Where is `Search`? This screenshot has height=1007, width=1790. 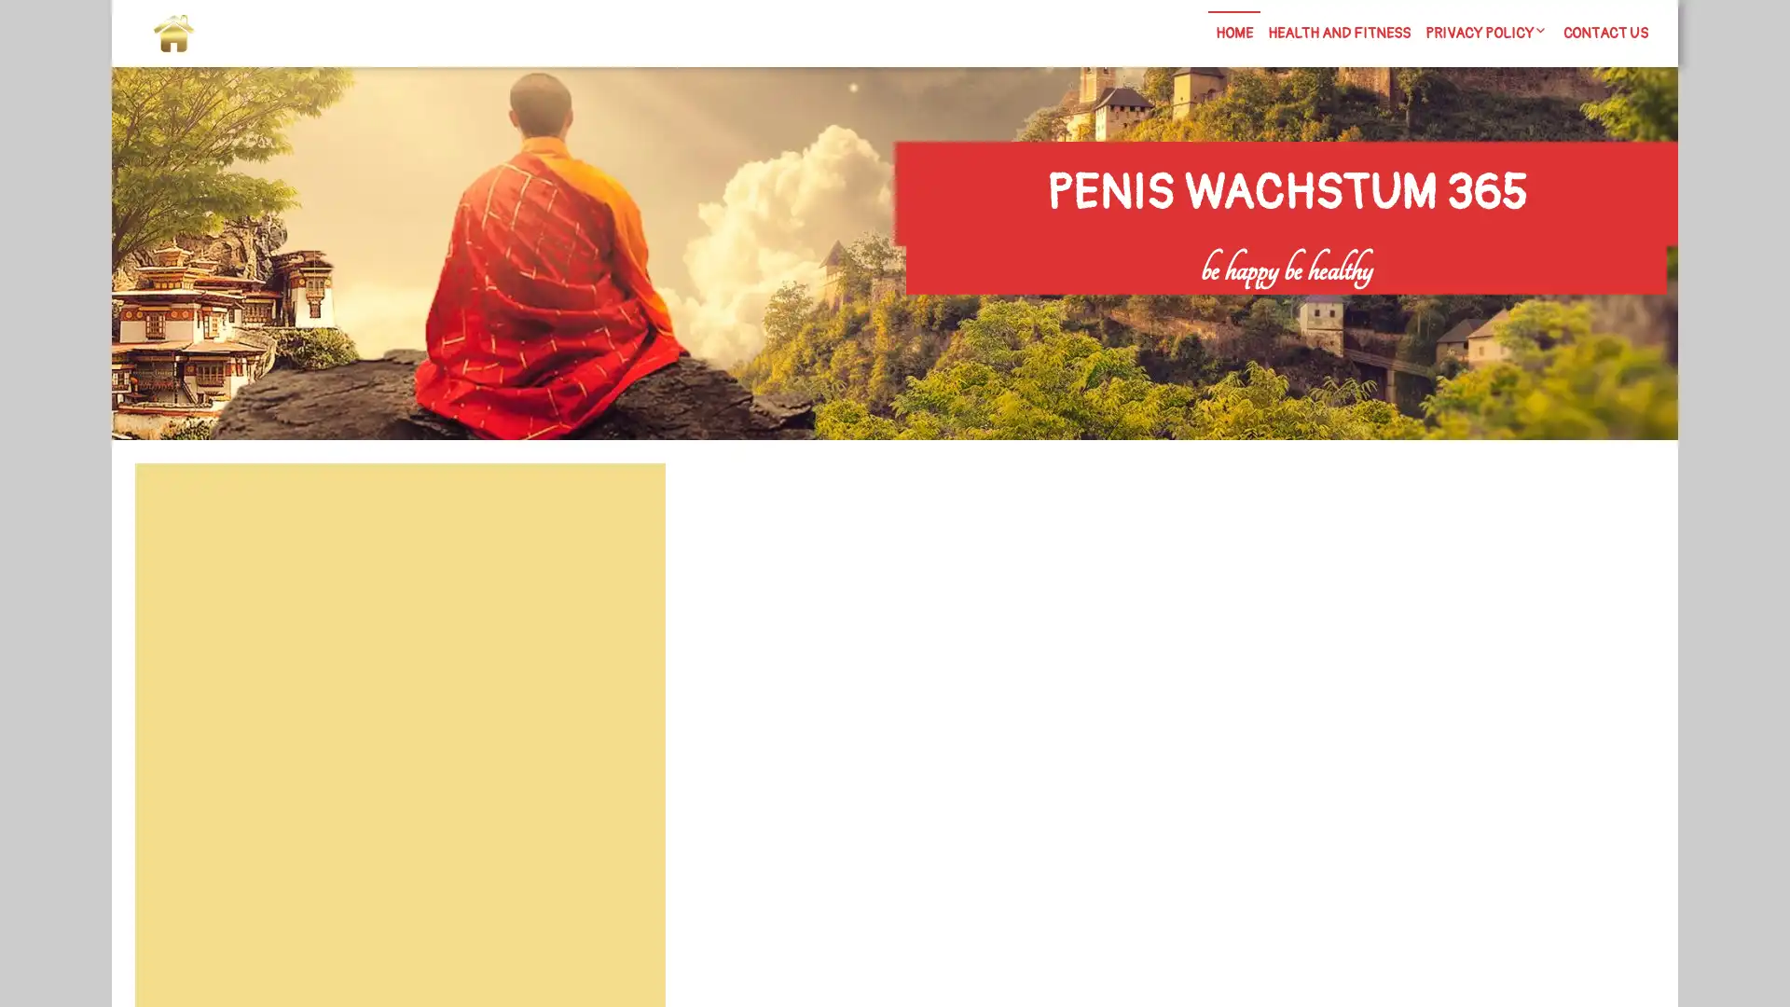 Search is located at coordinates (1452, 305).